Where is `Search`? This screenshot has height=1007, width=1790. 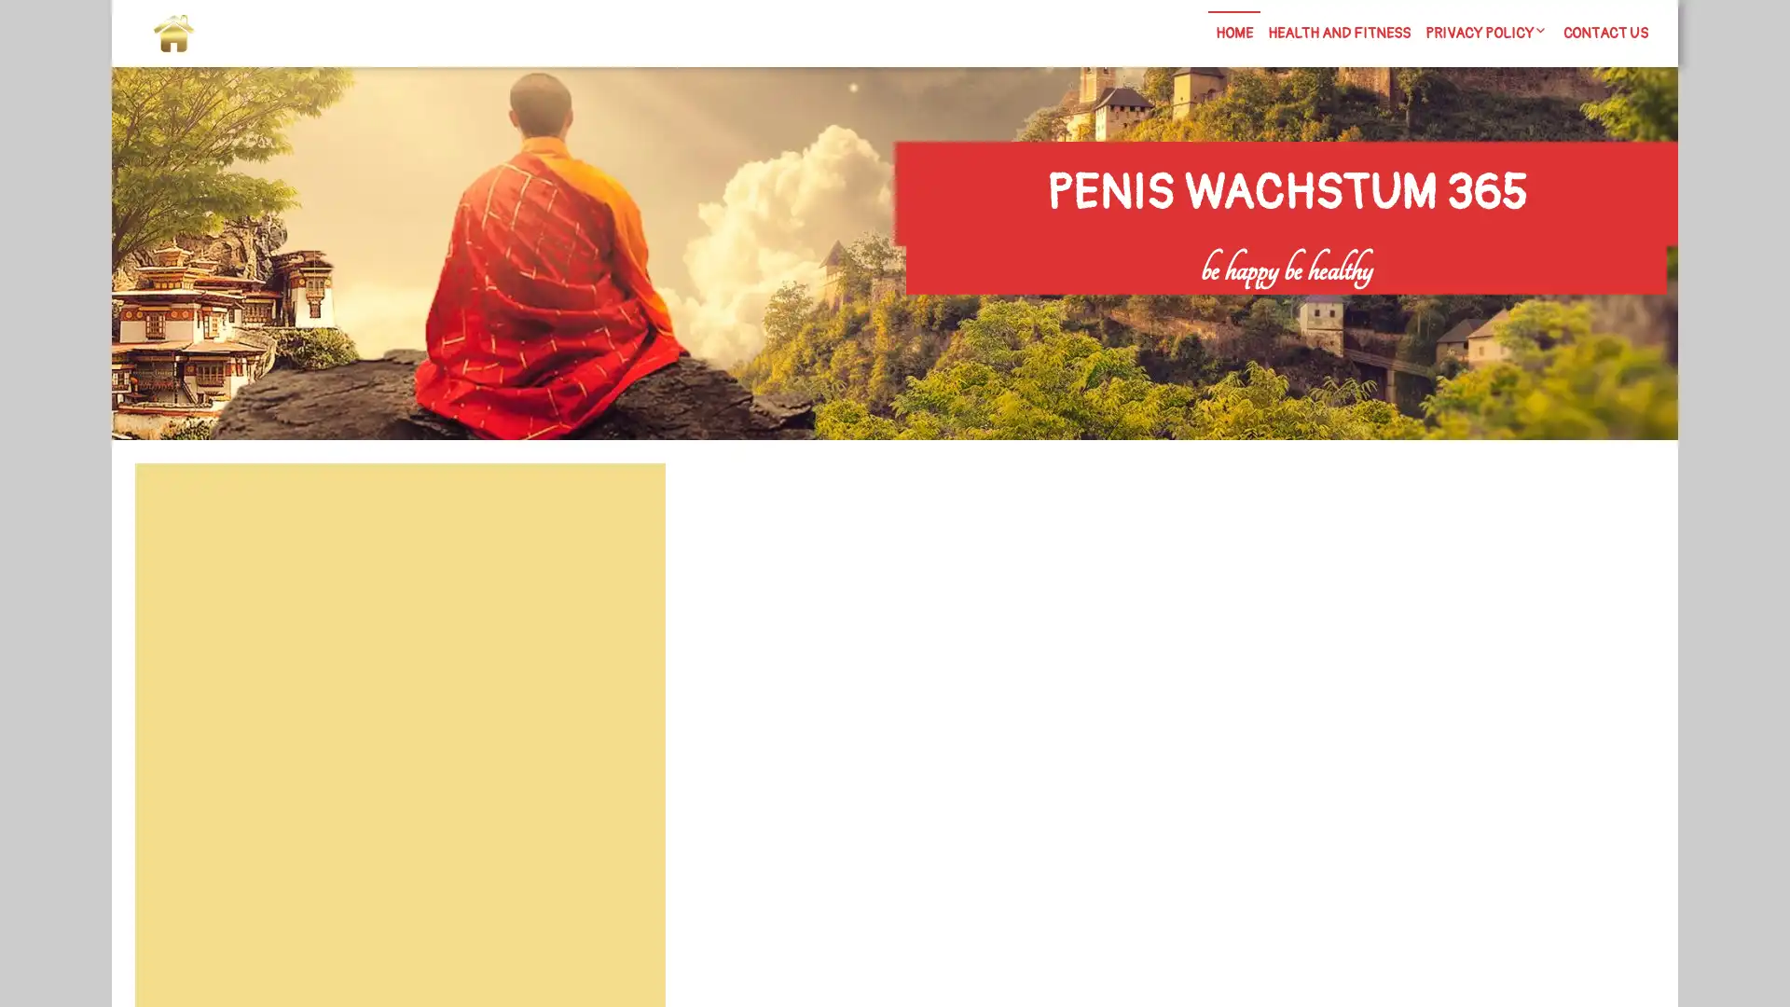 Search is located at coordinates (1452, 305).